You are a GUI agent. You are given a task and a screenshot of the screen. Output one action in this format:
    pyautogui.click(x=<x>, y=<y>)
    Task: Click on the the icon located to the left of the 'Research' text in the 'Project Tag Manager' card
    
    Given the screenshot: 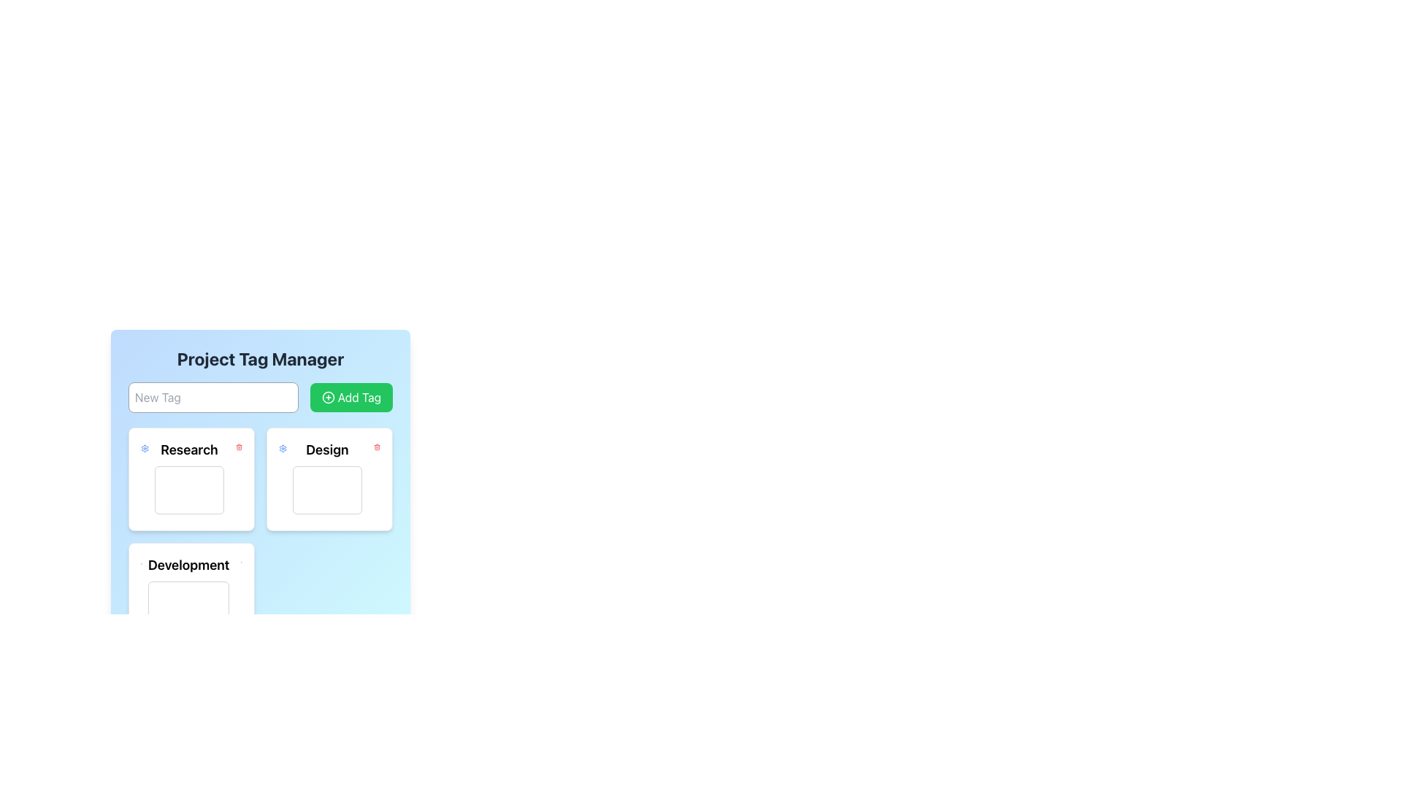 What is the action you would take?
    pyautogui.click(x=283, y=447)
    